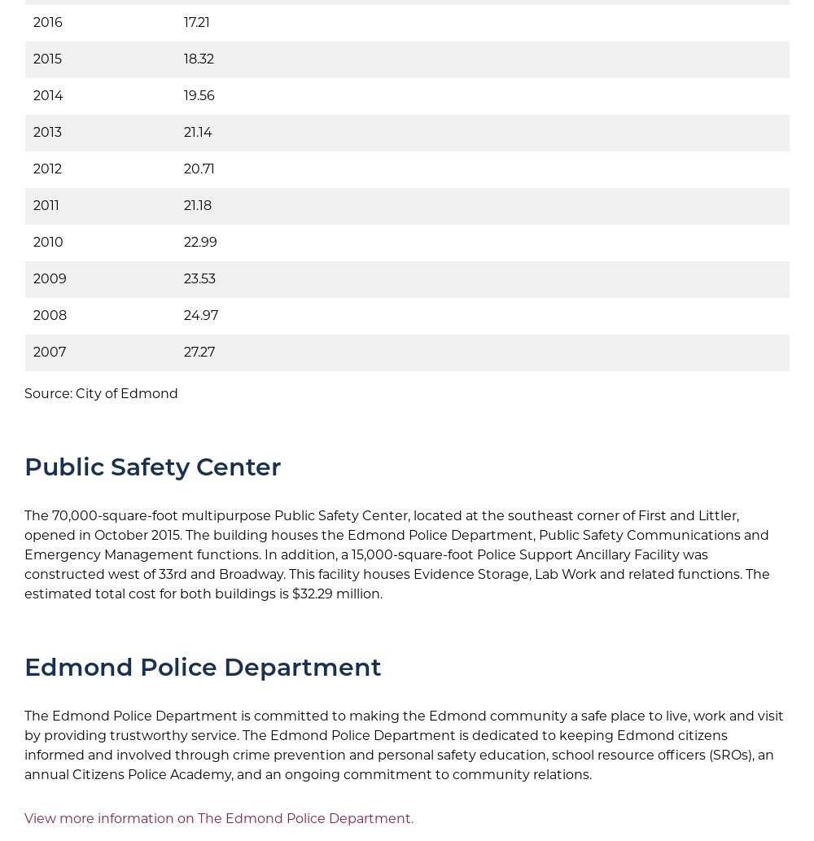 This screenshot has width=814, height=841. I want to click on '22.99', so click(199, 241).